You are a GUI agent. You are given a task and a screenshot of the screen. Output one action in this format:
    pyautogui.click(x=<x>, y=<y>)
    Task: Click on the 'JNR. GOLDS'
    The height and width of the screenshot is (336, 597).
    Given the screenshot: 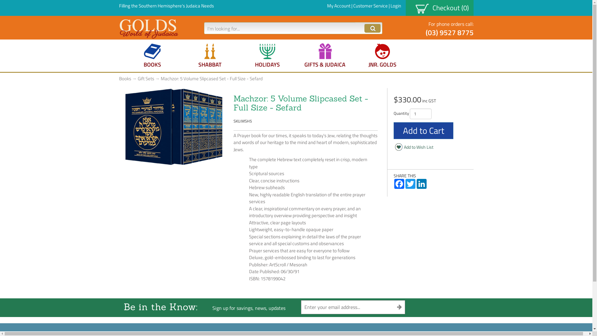 What is the action you would take?
    pyautogui.click(x=358, y=55)
    